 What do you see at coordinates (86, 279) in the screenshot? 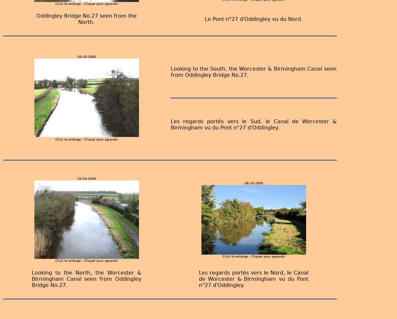
I see `'Looking to the North, the Worcester & Birmingham Canal seen from Oddingley Bridge No.27.'` at bounding box center [86, 279].